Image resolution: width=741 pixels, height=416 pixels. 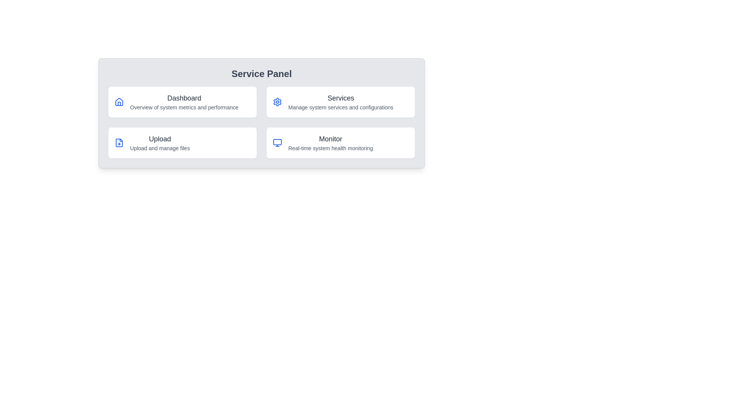 What do you see at coordinates (182, 143) in the screenshot?
I see `the 'Upload' card, which is a rectangular card with a white background, light gray border, bold title 'Upload', and subtitle 'Upload and manage files', located` at bounding box center [182, 143].